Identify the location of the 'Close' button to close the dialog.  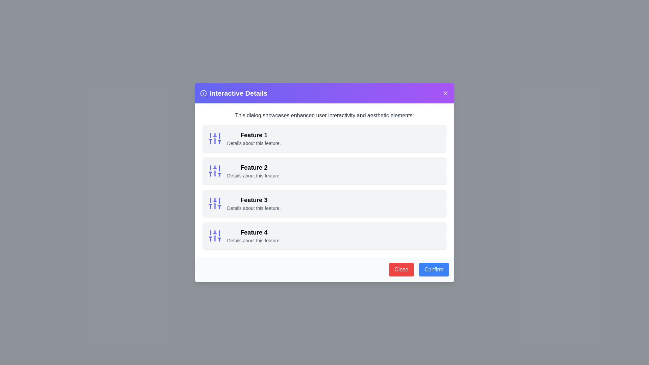
(401, 269).